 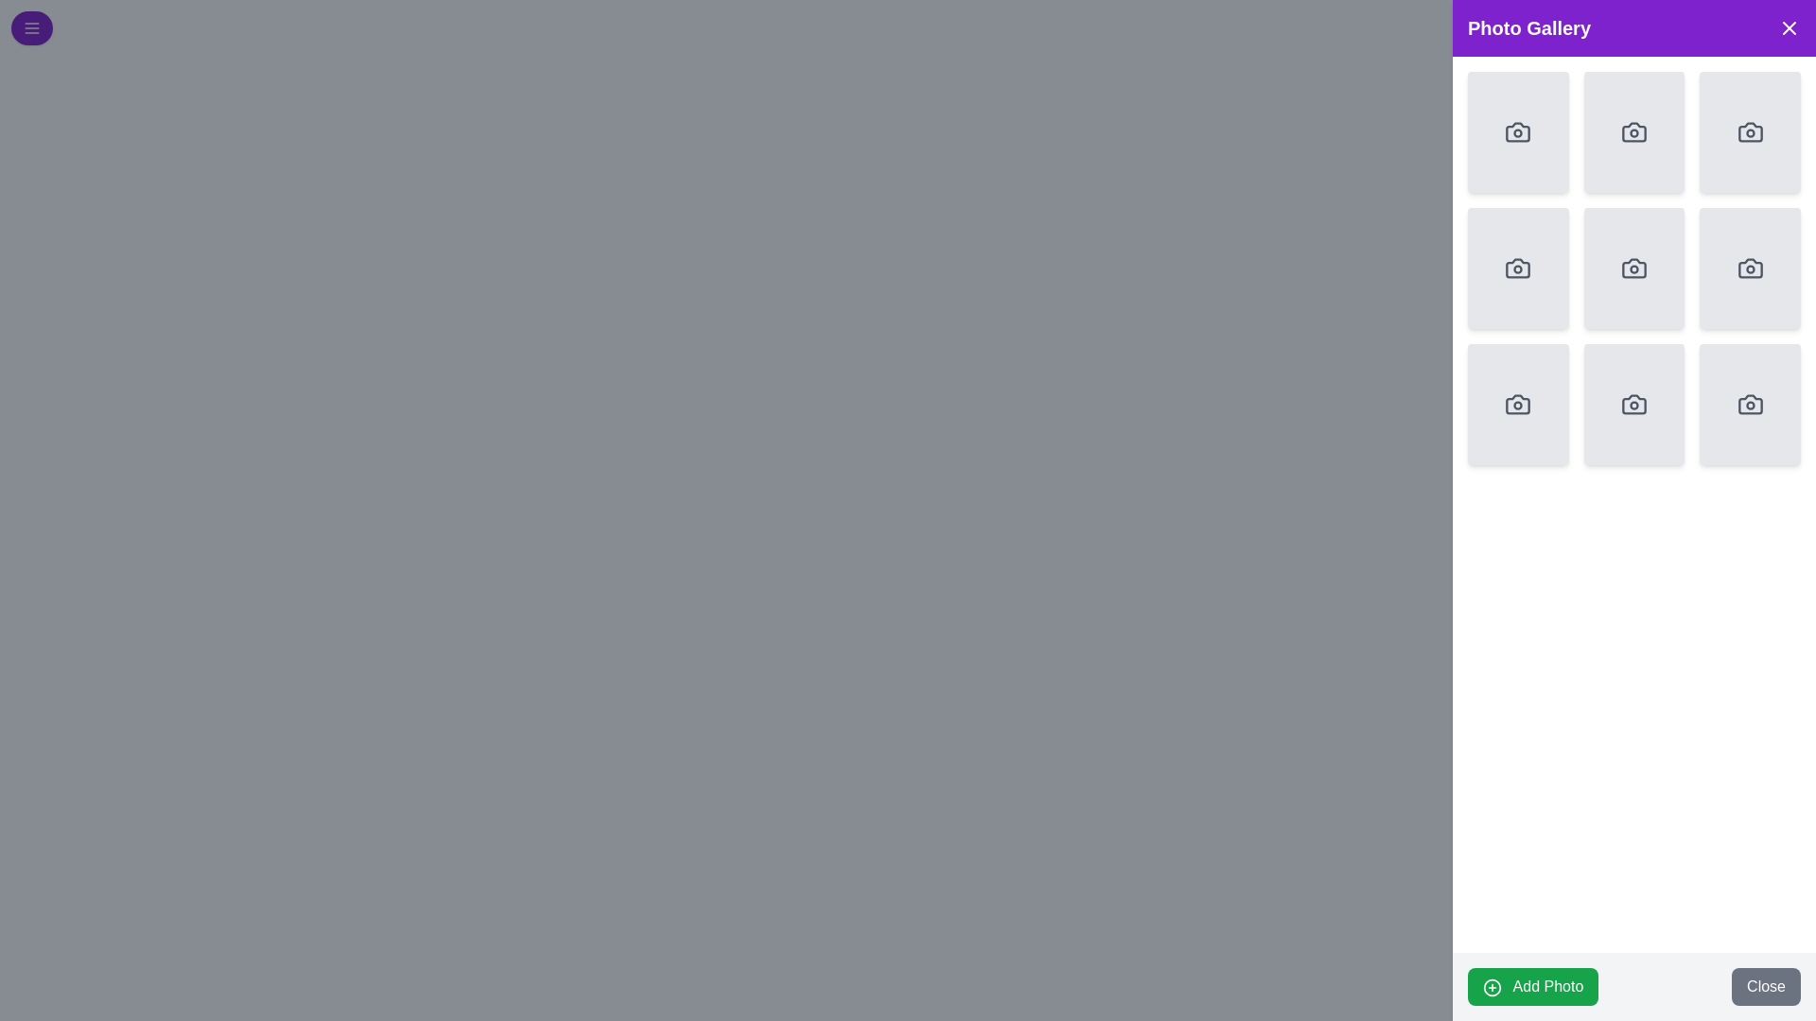 I want to click on the small 'X' shaped button with a white stroke on a purple background located at the top-right corner of the 'Photo Gallery' header, so click(x=1788, y=28).